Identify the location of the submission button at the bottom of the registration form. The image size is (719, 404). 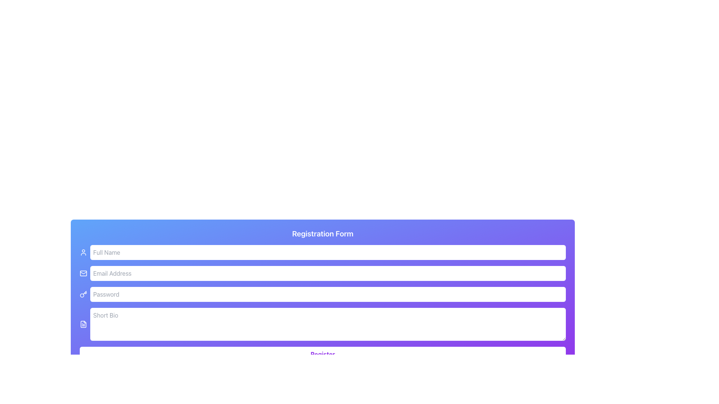
(323, 354).